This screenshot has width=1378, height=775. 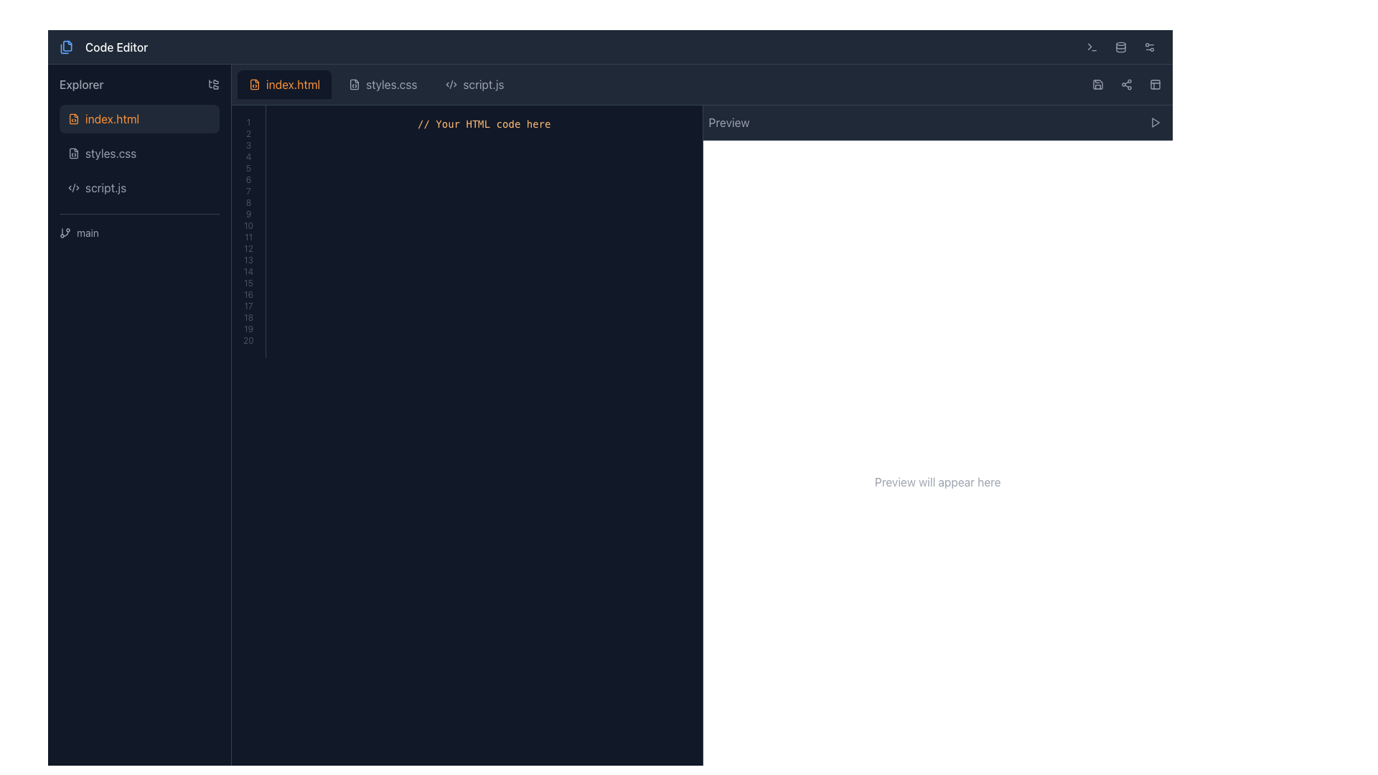 I want to click on the 14th static text label in the vertical list of line number indicators located on the left panel under the file name 'index.html', so click(x=248, y=271).